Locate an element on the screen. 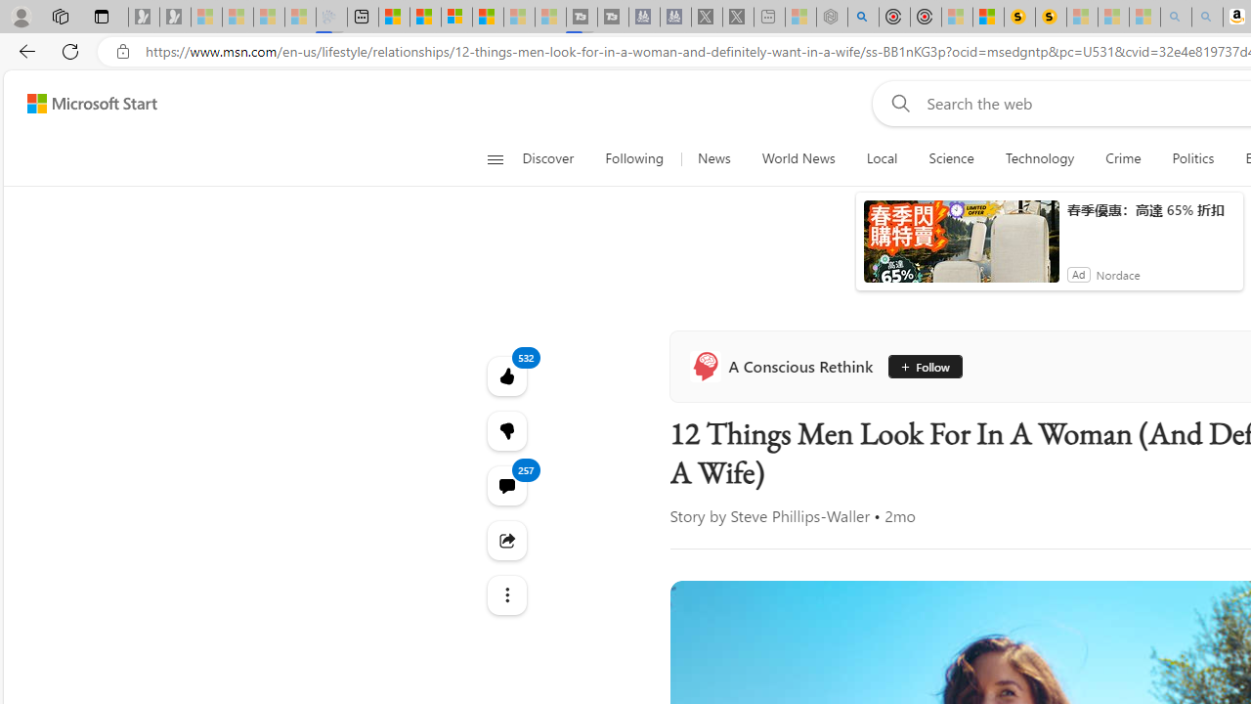  'Skip to footer' is located at coordinates (79, 103).